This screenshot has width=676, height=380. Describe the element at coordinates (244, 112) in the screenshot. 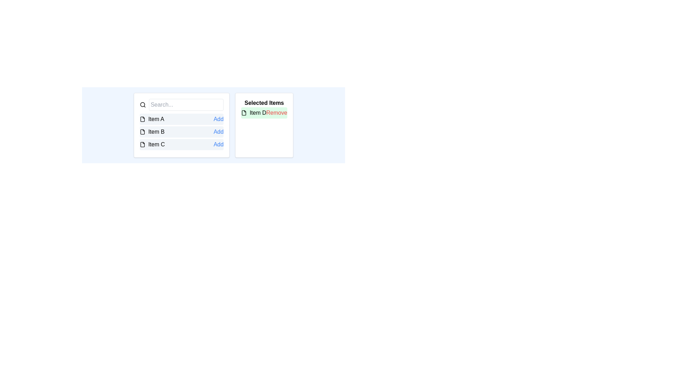

I see `the document file icon located within the 'Selected Items' section, which is the leftmost element under the card labeled 'Item D'` at that location.